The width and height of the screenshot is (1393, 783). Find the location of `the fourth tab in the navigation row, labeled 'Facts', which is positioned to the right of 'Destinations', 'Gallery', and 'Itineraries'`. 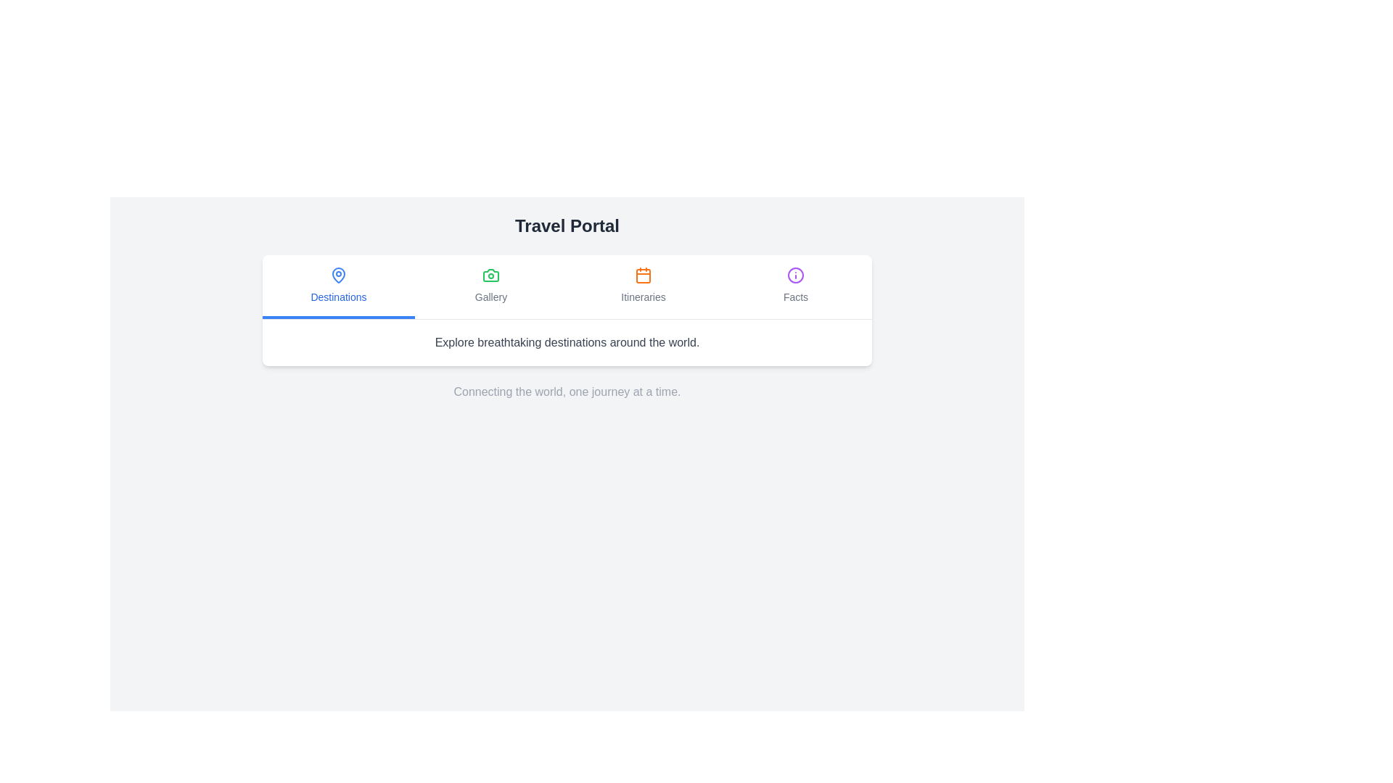

the fourth tab in the navigation row, labeled 'Facts', which is positioned to the right of 'Destinations', 'Gallery', and 'Itineraries' is located at coordinates (795, 287).